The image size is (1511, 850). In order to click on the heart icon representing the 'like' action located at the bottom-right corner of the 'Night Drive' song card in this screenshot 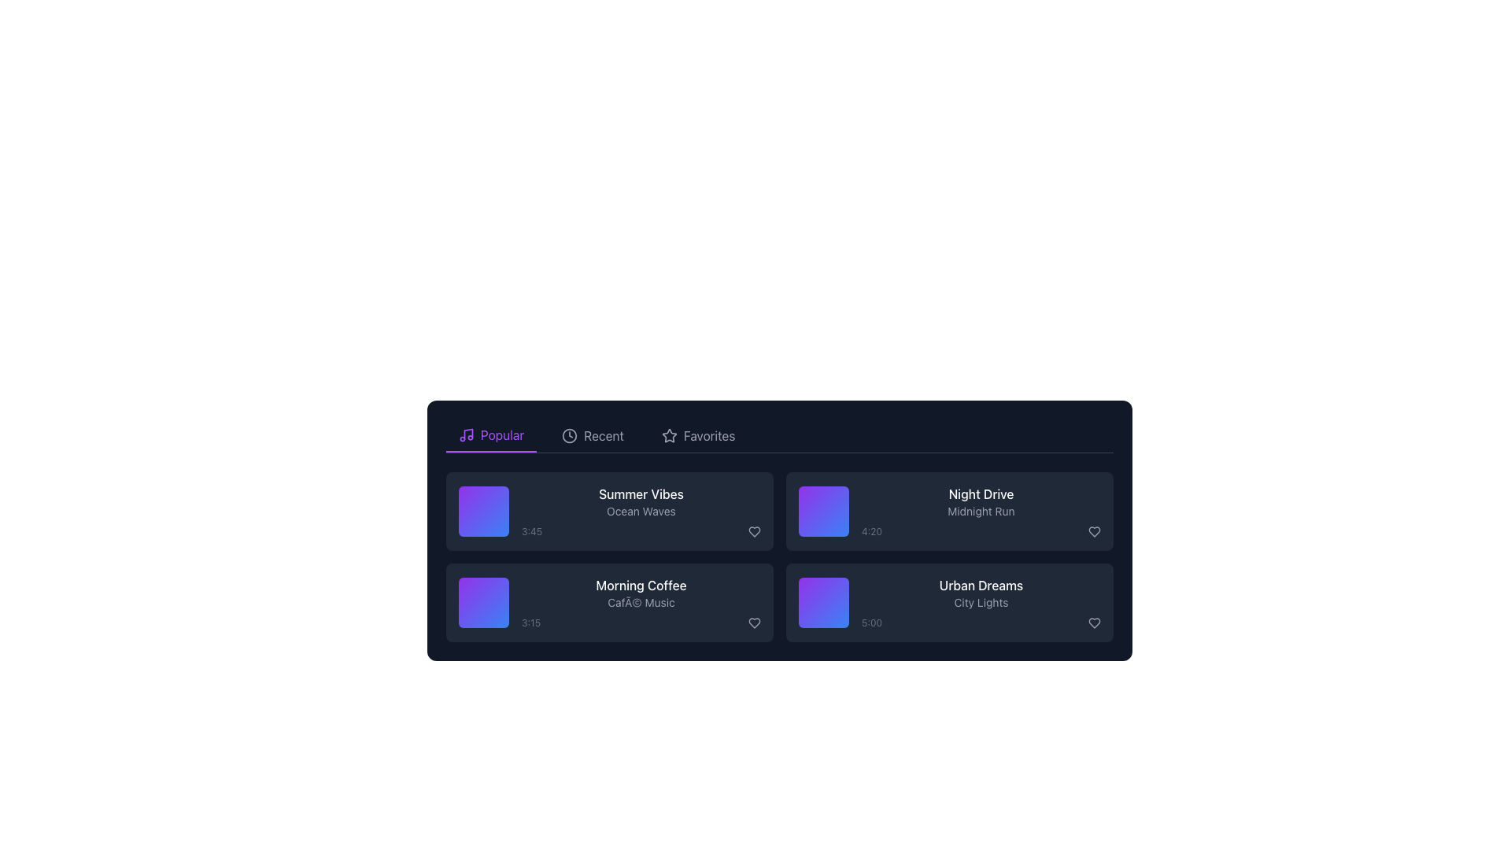, I will do `click(1094, 531)`.